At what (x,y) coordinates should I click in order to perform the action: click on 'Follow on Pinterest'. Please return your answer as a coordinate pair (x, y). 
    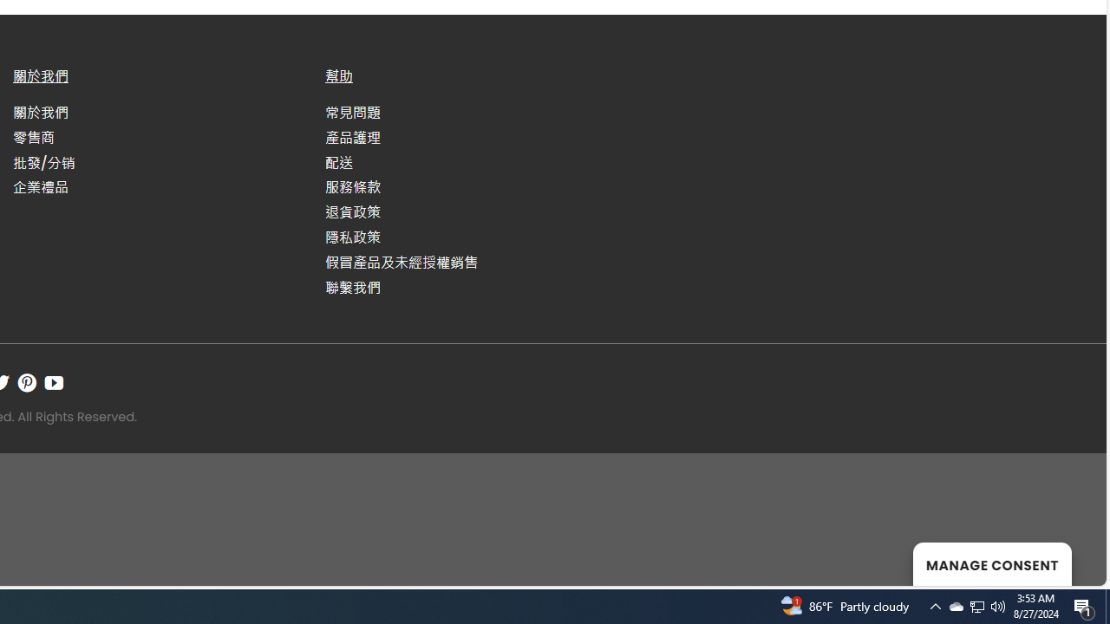
    Looking at the image, I should click on (27, 381).